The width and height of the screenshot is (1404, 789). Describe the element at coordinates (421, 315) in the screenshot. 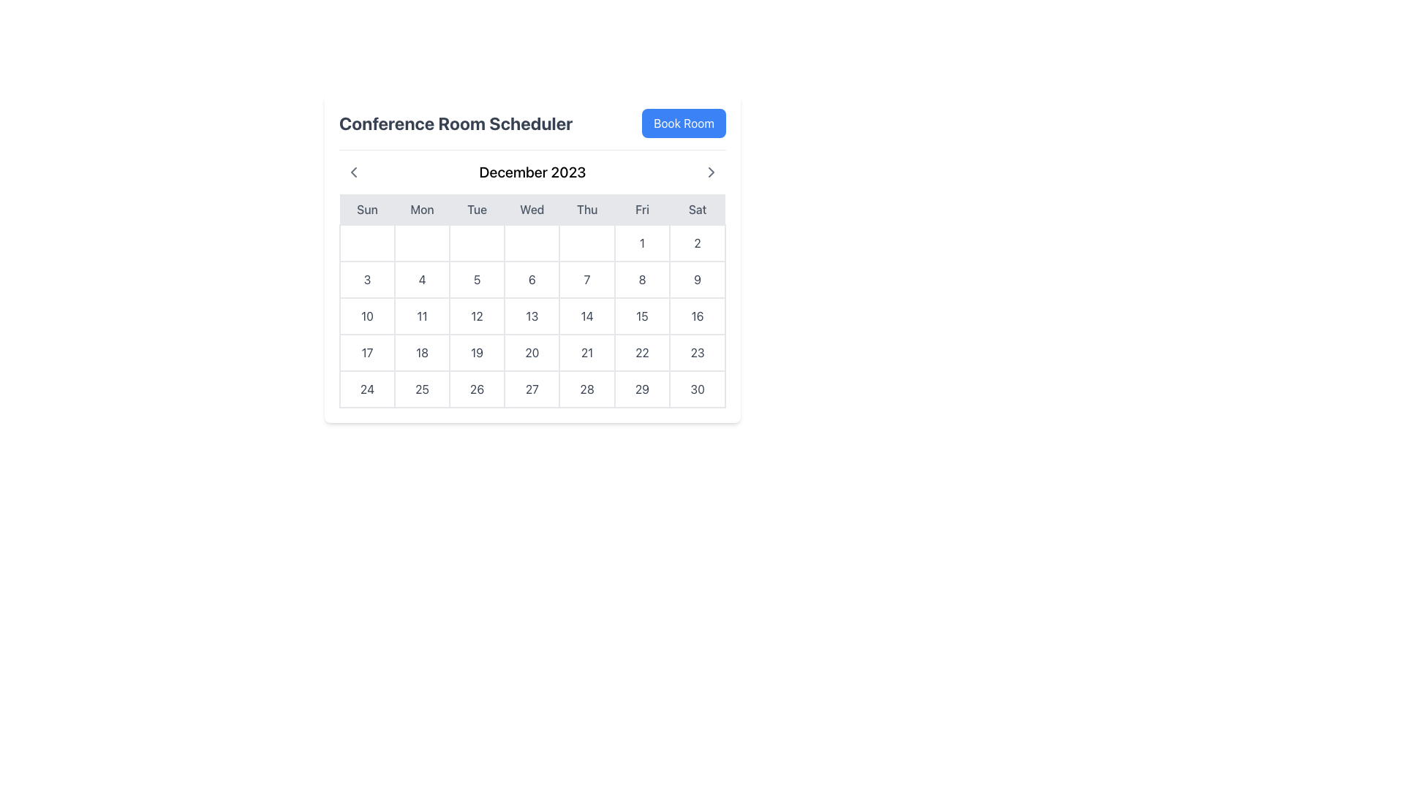

I see `the date selection button for '11' in the calendar view` at that location.